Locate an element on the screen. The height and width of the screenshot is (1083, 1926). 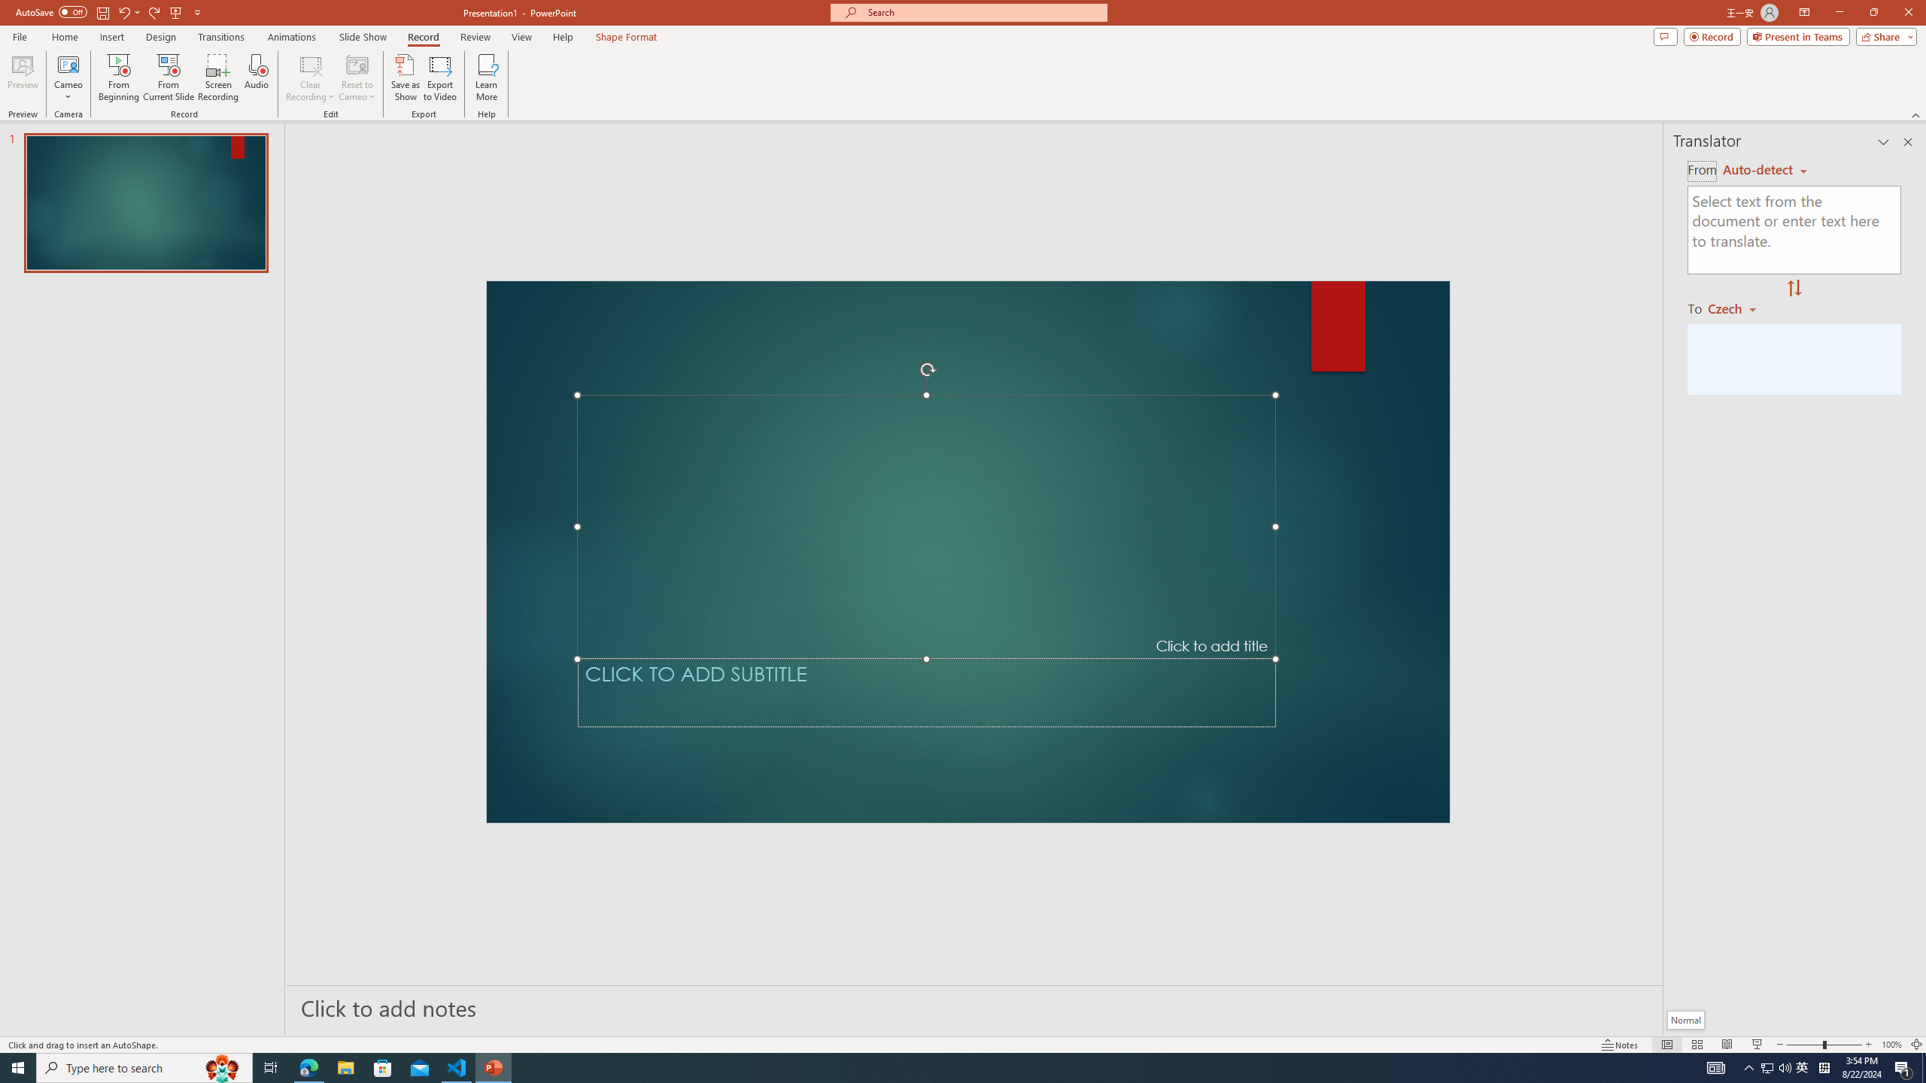
'Zoom 100%' is located at coordinates (1892, 1045).